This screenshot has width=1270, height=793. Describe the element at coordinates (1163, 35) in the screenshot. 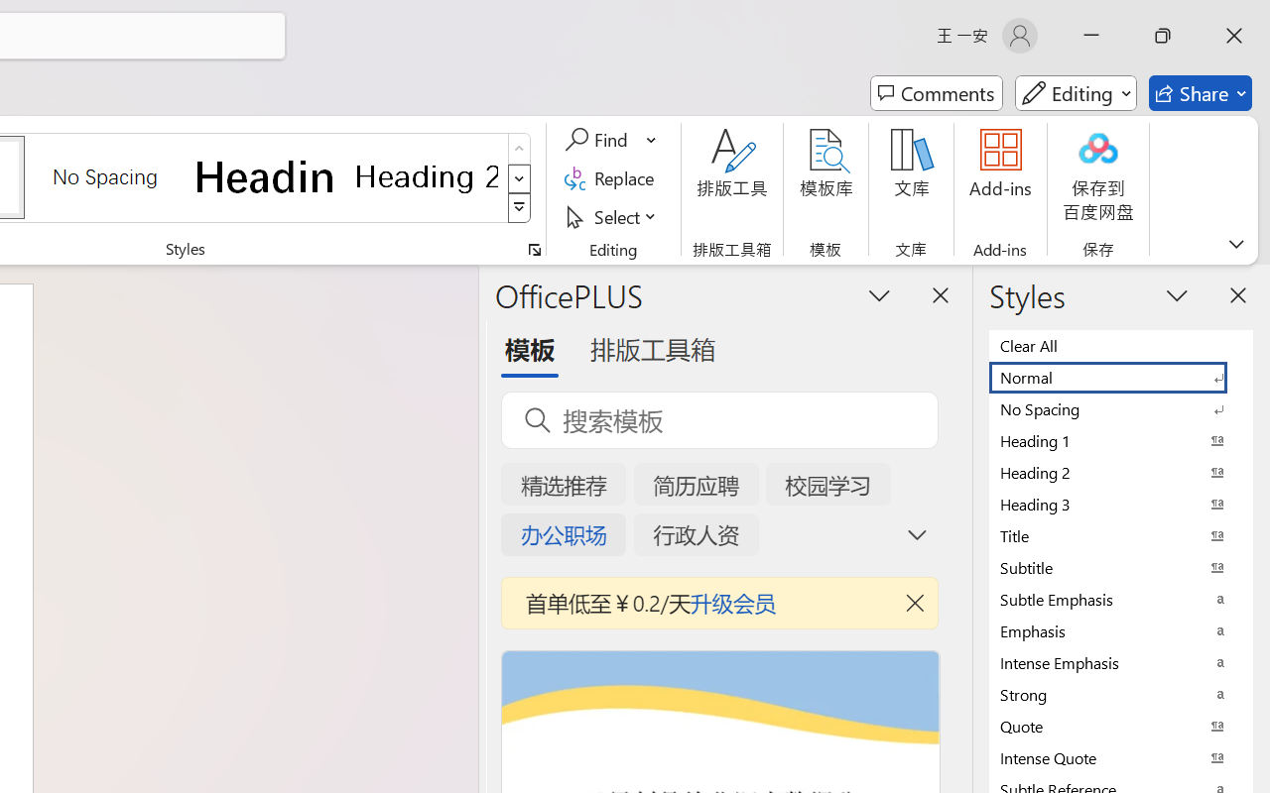

I see `'Restore Down'` at that location.